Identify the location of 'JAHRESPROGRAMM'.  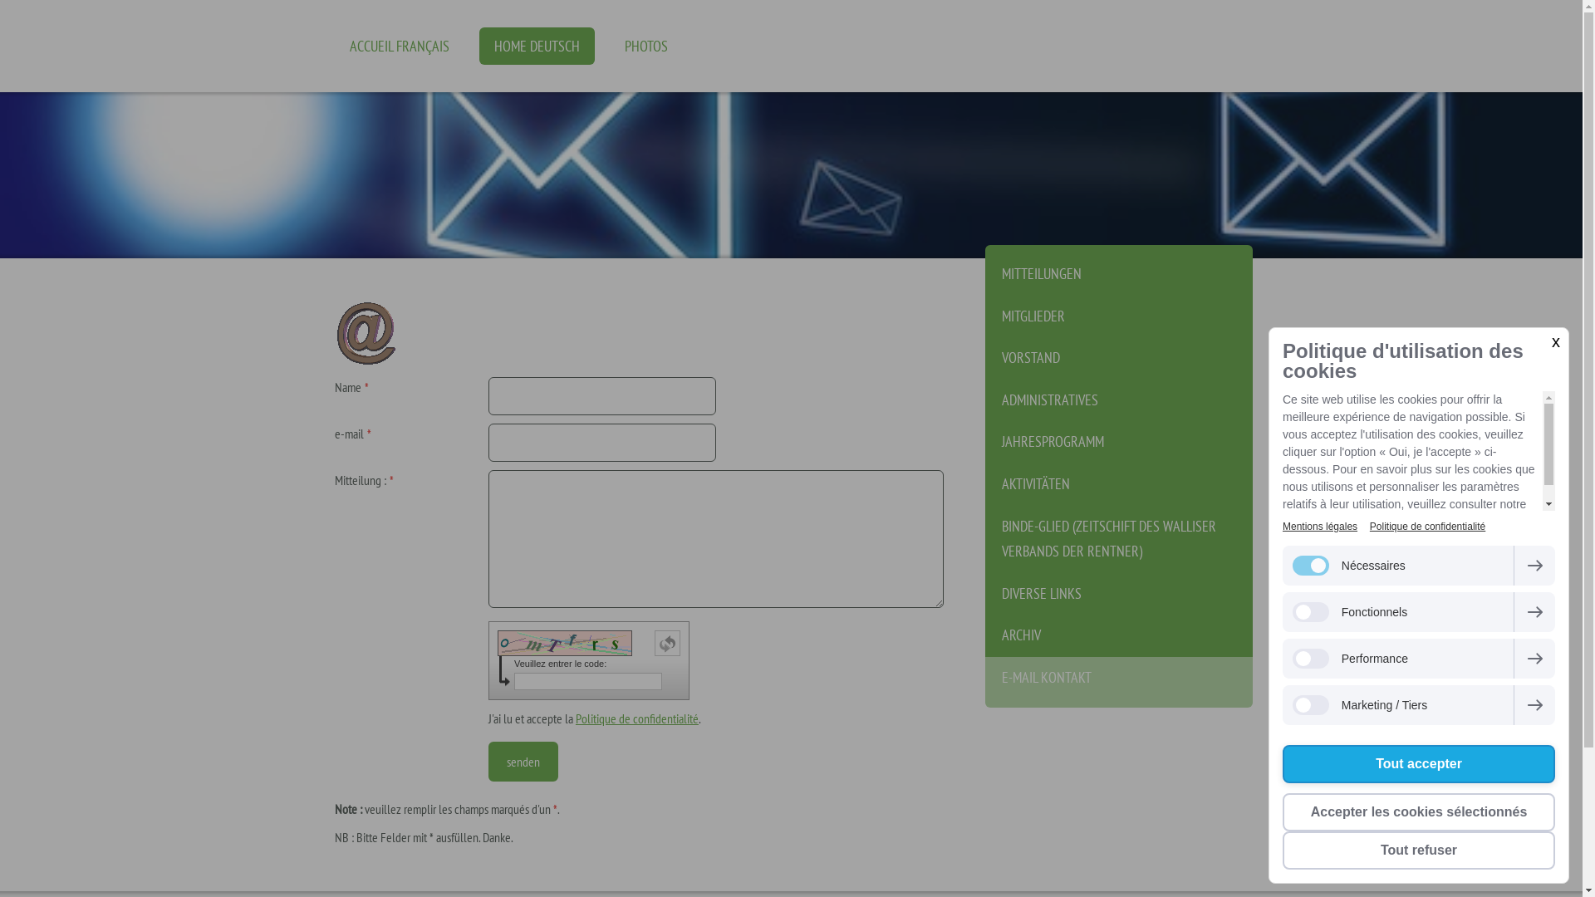
(1119, 441).